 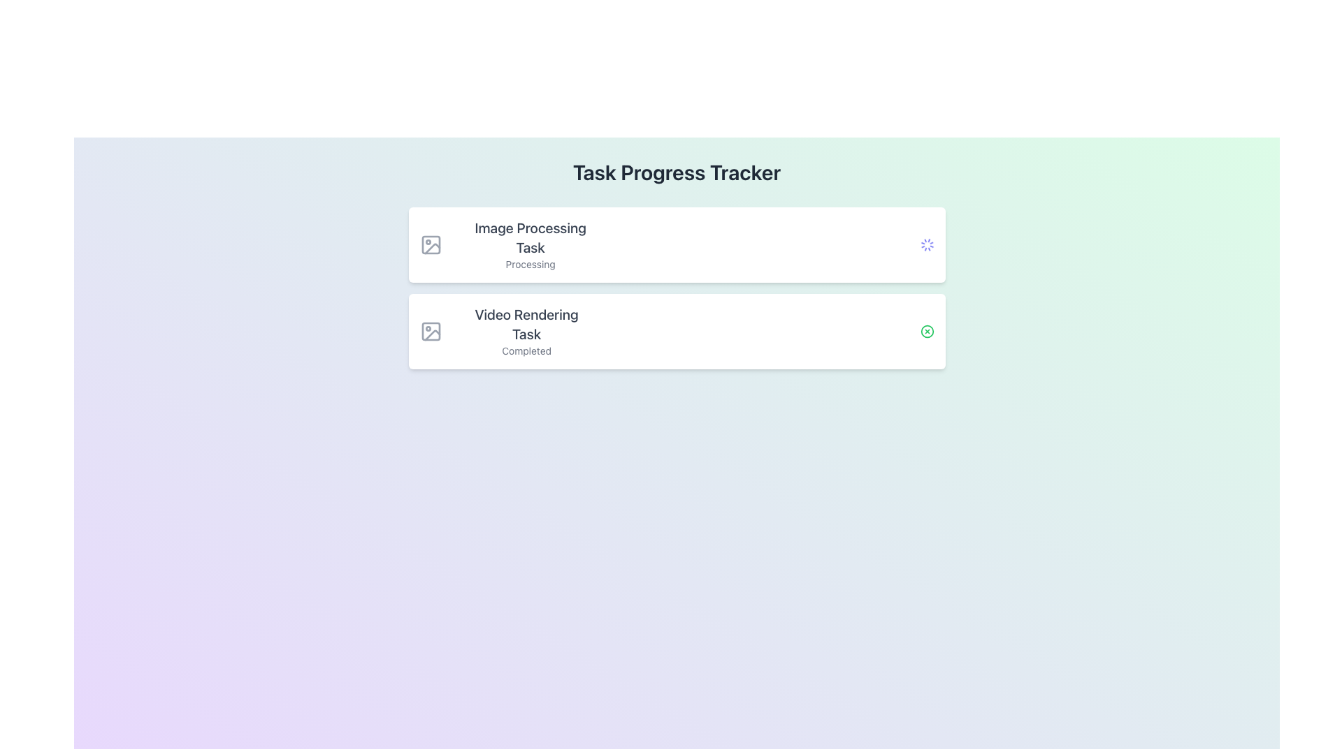 What do you see at coordinates (430, 331) in the screenshot?
I see `the decorative icon within the 'Video Rendering' task card located on the left side, which serves a symbolic function in the design` at bounding box center [430, 331].